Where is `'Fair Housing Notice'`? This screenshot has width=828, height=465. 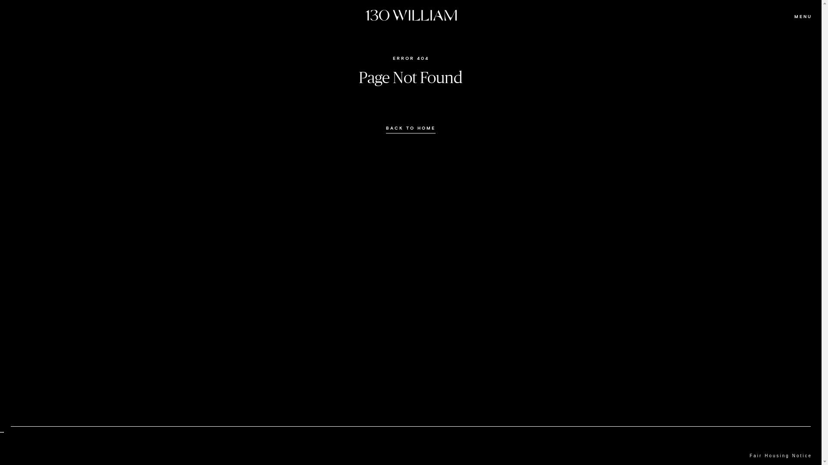
'Fair Housing Notice' is located at coordinates (781, 456).